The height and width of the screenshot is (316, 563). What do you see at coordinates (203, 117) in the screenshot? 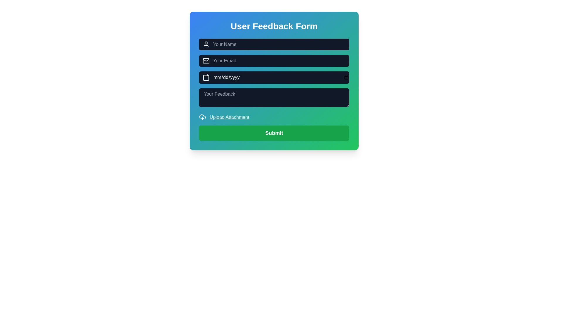
I see `the upload file icon located to the left of the 'Upload Attachment' link within the upload section of the form` at bounding box center [203, 117].